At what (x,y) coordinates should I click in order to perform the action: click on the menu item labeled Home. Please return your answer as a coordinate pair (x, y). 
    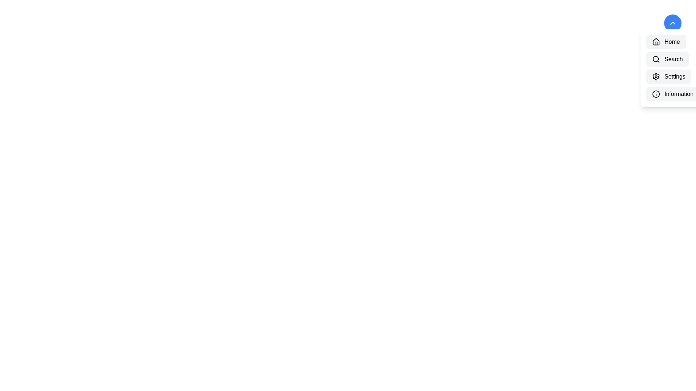
    Looking at the image, I should click on (666, 42).